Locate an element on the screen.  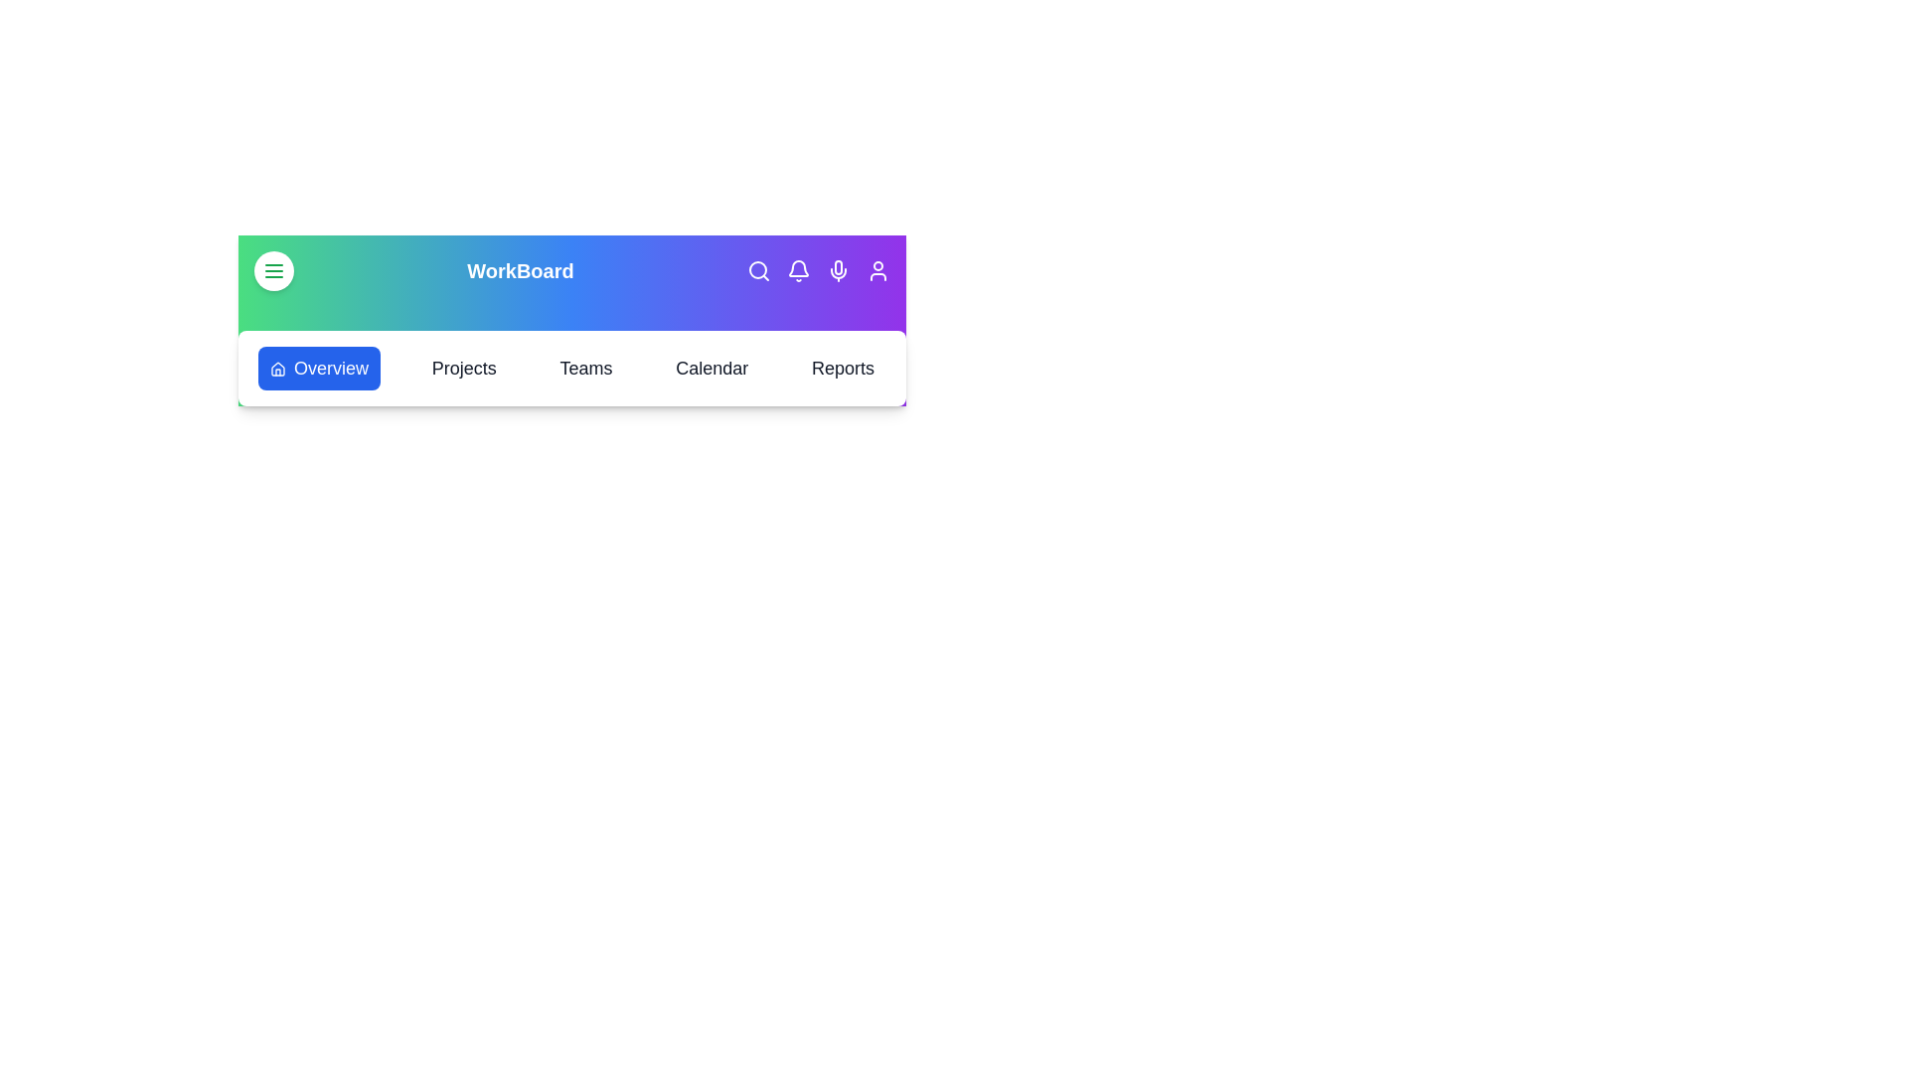
the Voice Input icon is located at coordinates (839, 271).